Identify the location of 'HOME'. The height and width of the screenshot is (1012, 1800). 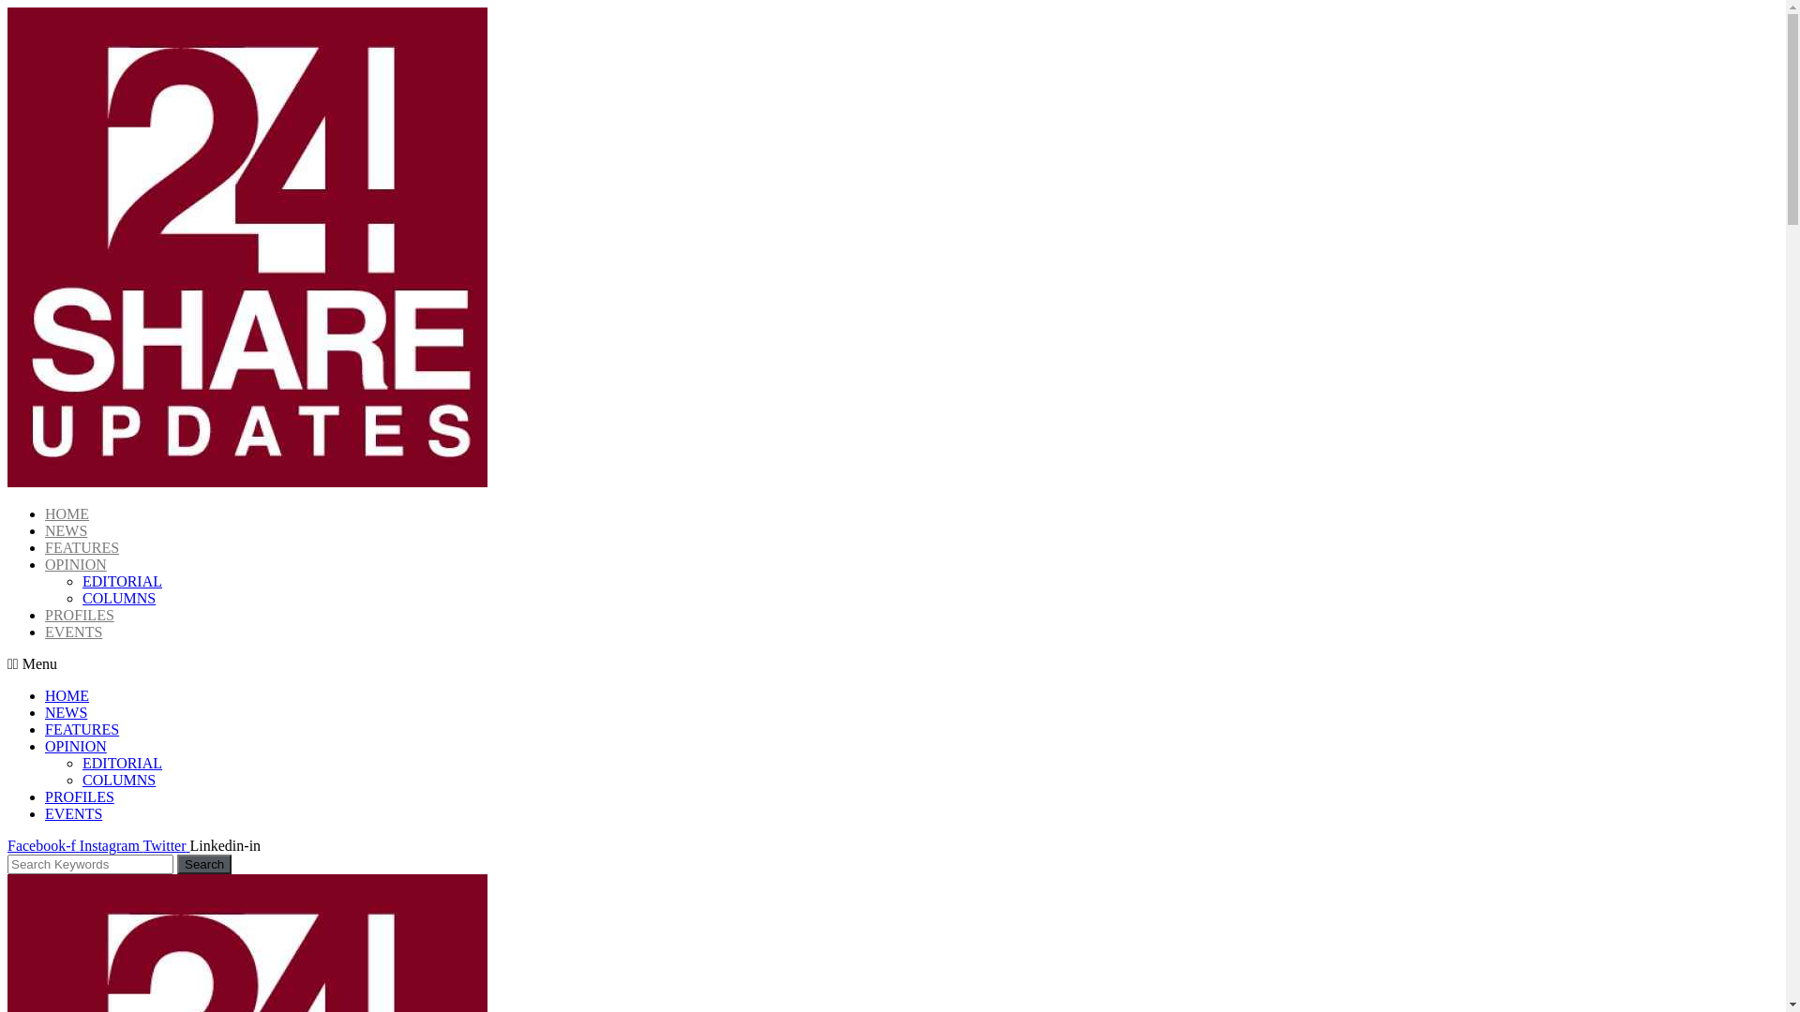
(67, 513).